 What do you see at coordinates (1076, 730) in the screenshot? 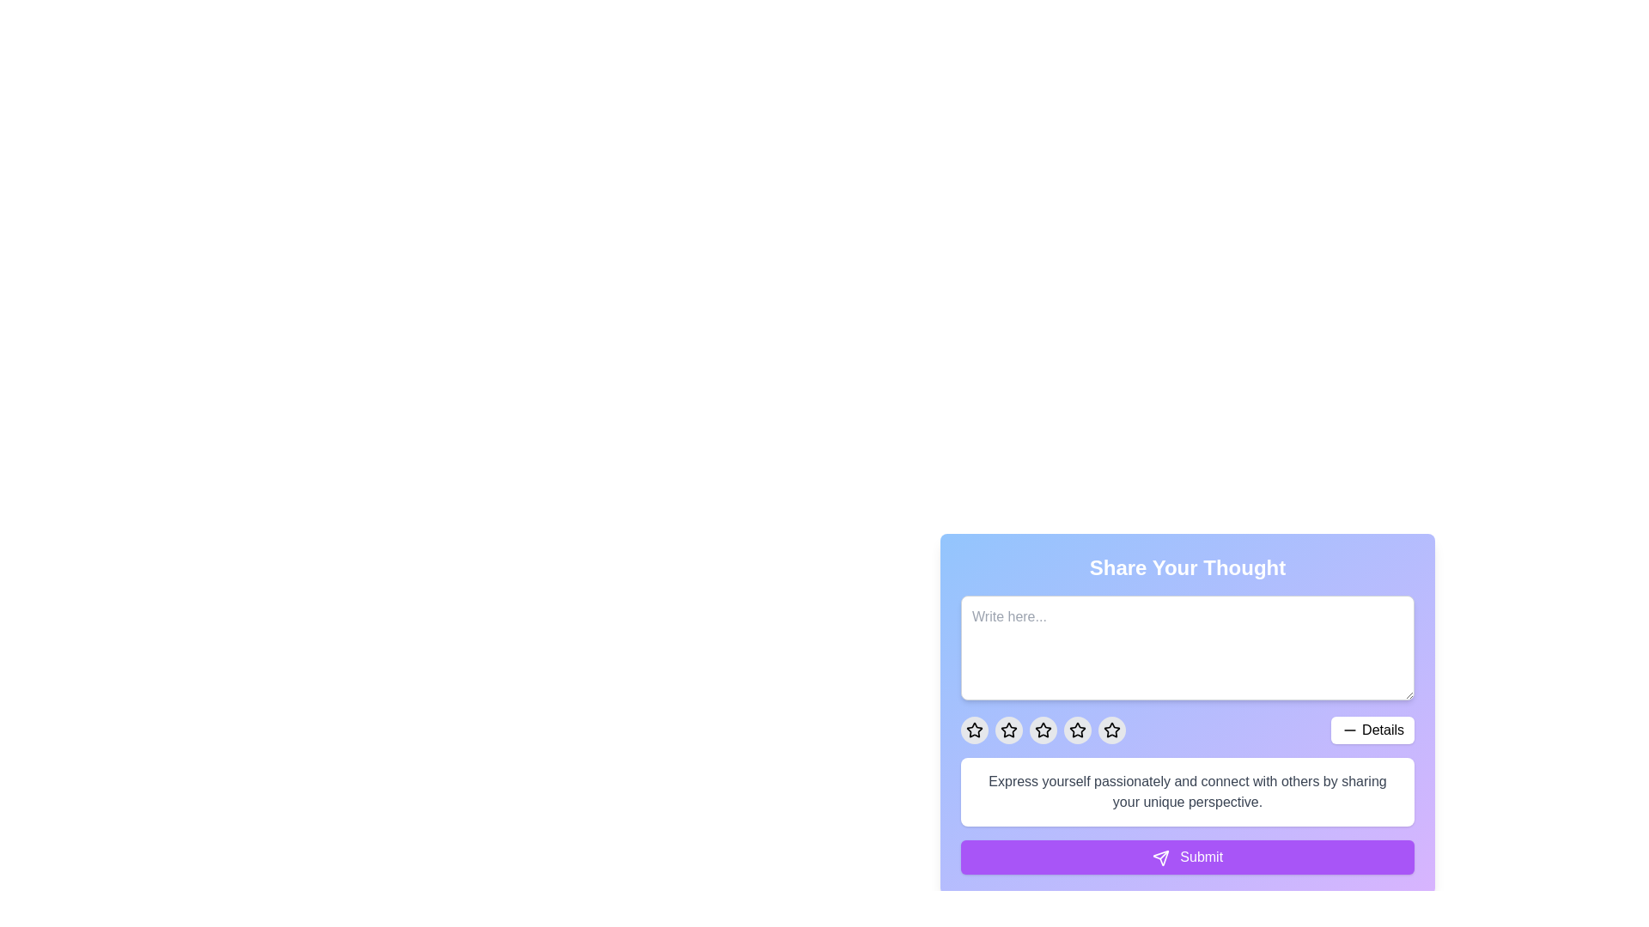
I see `the third star icon` at bounding box center [1076, 730].